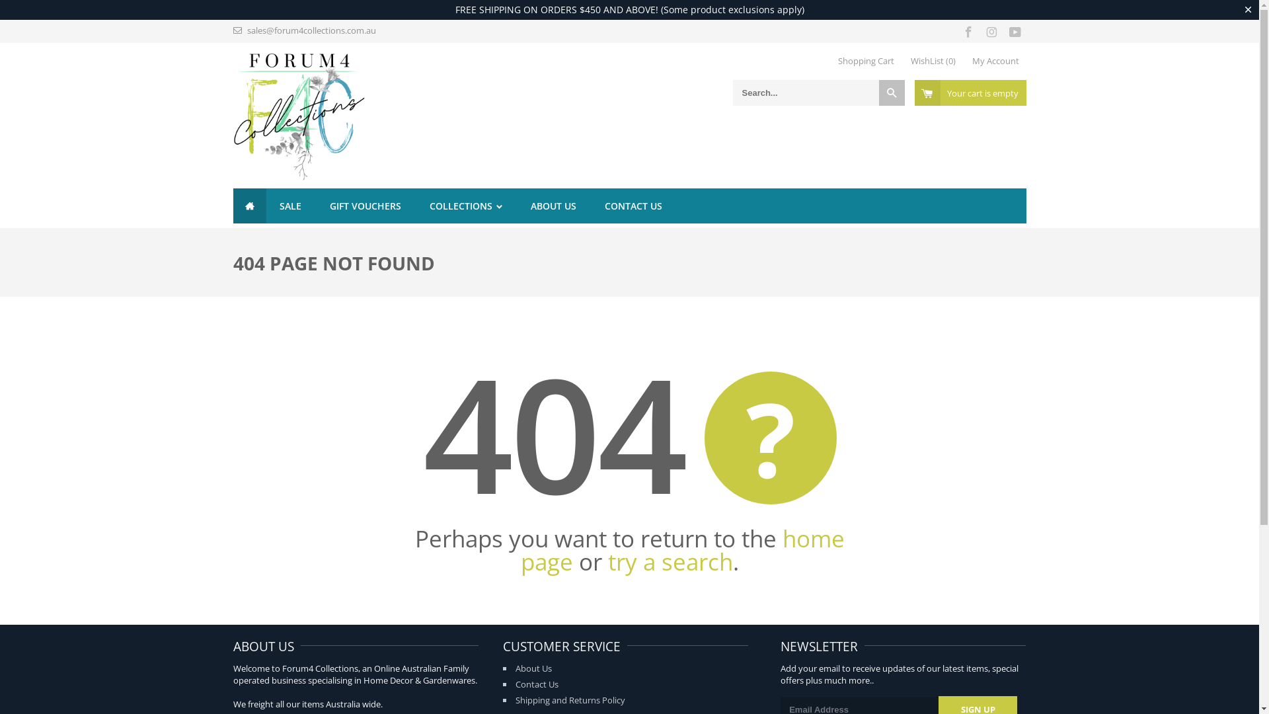  What do you see at coordinates (533, 668) in the screenshot?
I see `'About Us'` at bounding box center [533, 668].